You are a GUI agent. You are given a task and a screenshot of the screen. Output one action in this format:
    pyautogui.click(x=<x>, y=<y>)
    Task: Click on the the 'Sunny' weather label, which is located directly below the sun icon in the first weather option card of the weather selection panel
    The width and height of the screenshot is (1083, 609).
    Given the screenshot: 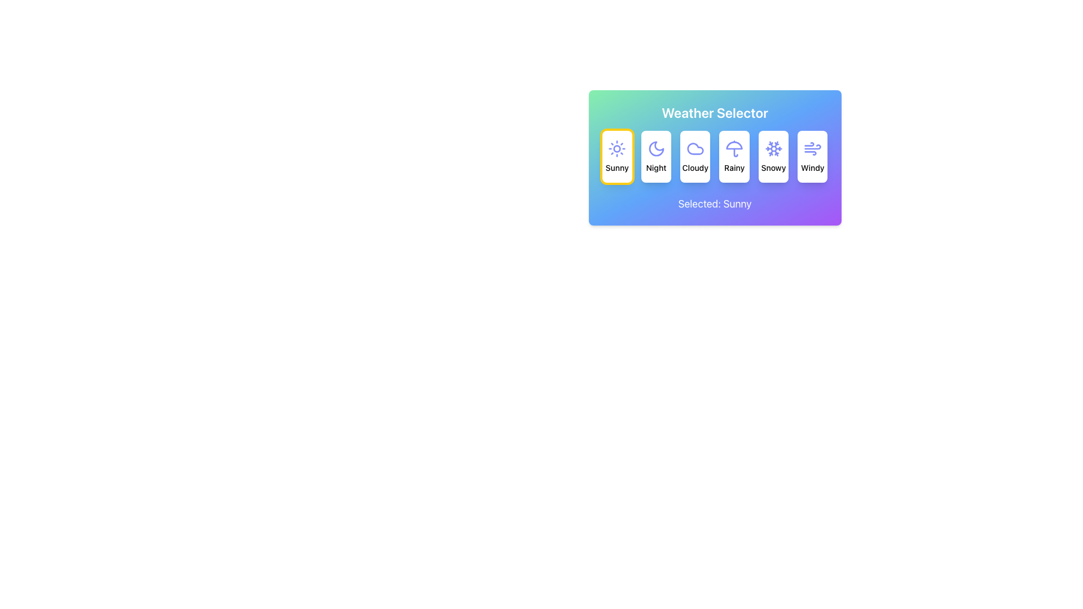 What is the action you would take?
    pyautogui.click(x=617, y=167)
    